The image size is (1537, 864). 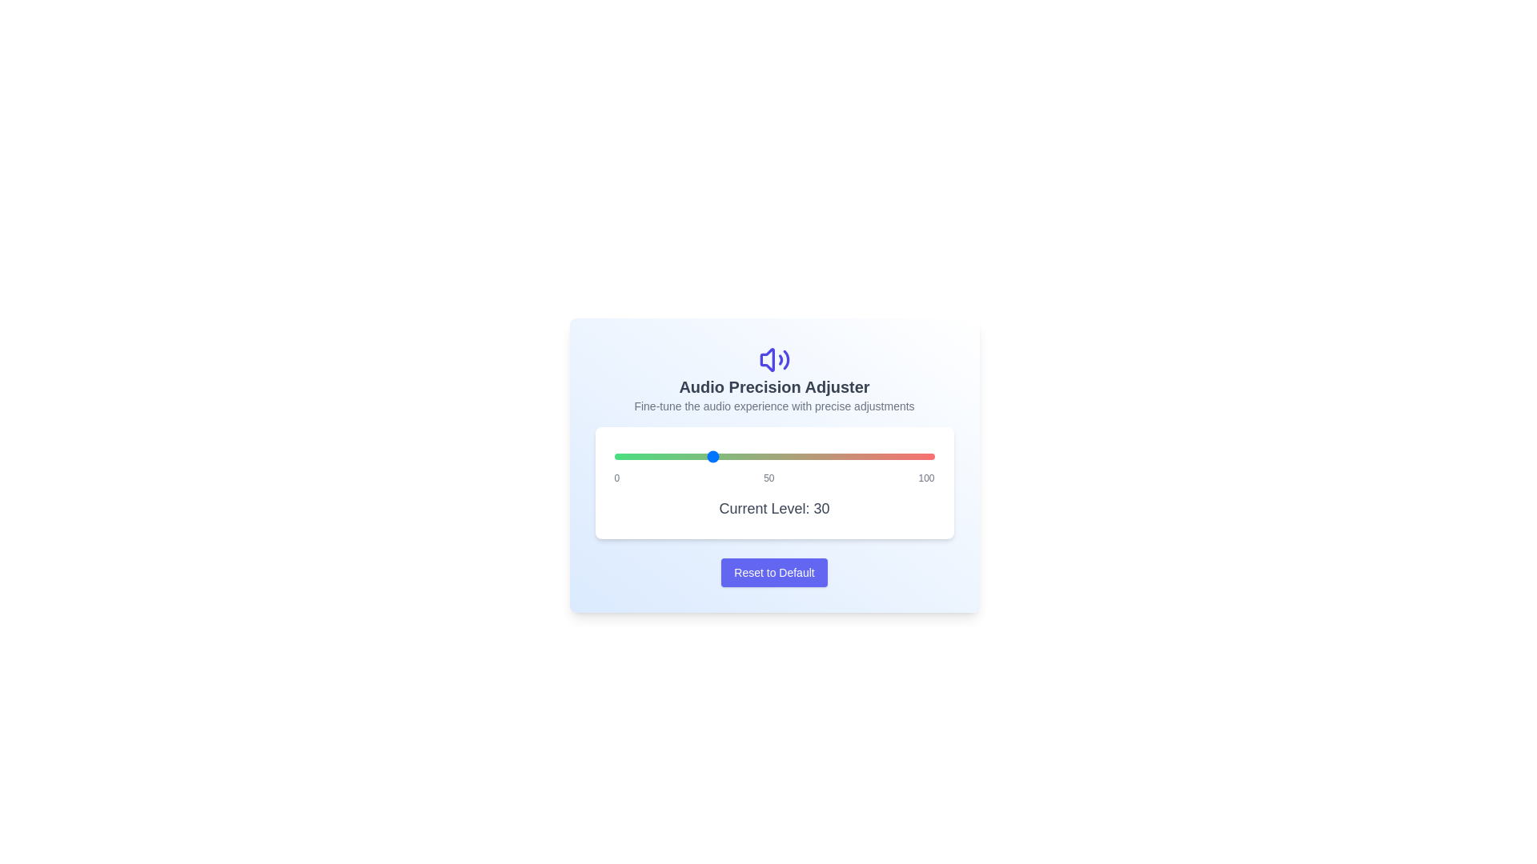 I want to click on the audio level to 70 using the slider, so click(x=837, y=456).